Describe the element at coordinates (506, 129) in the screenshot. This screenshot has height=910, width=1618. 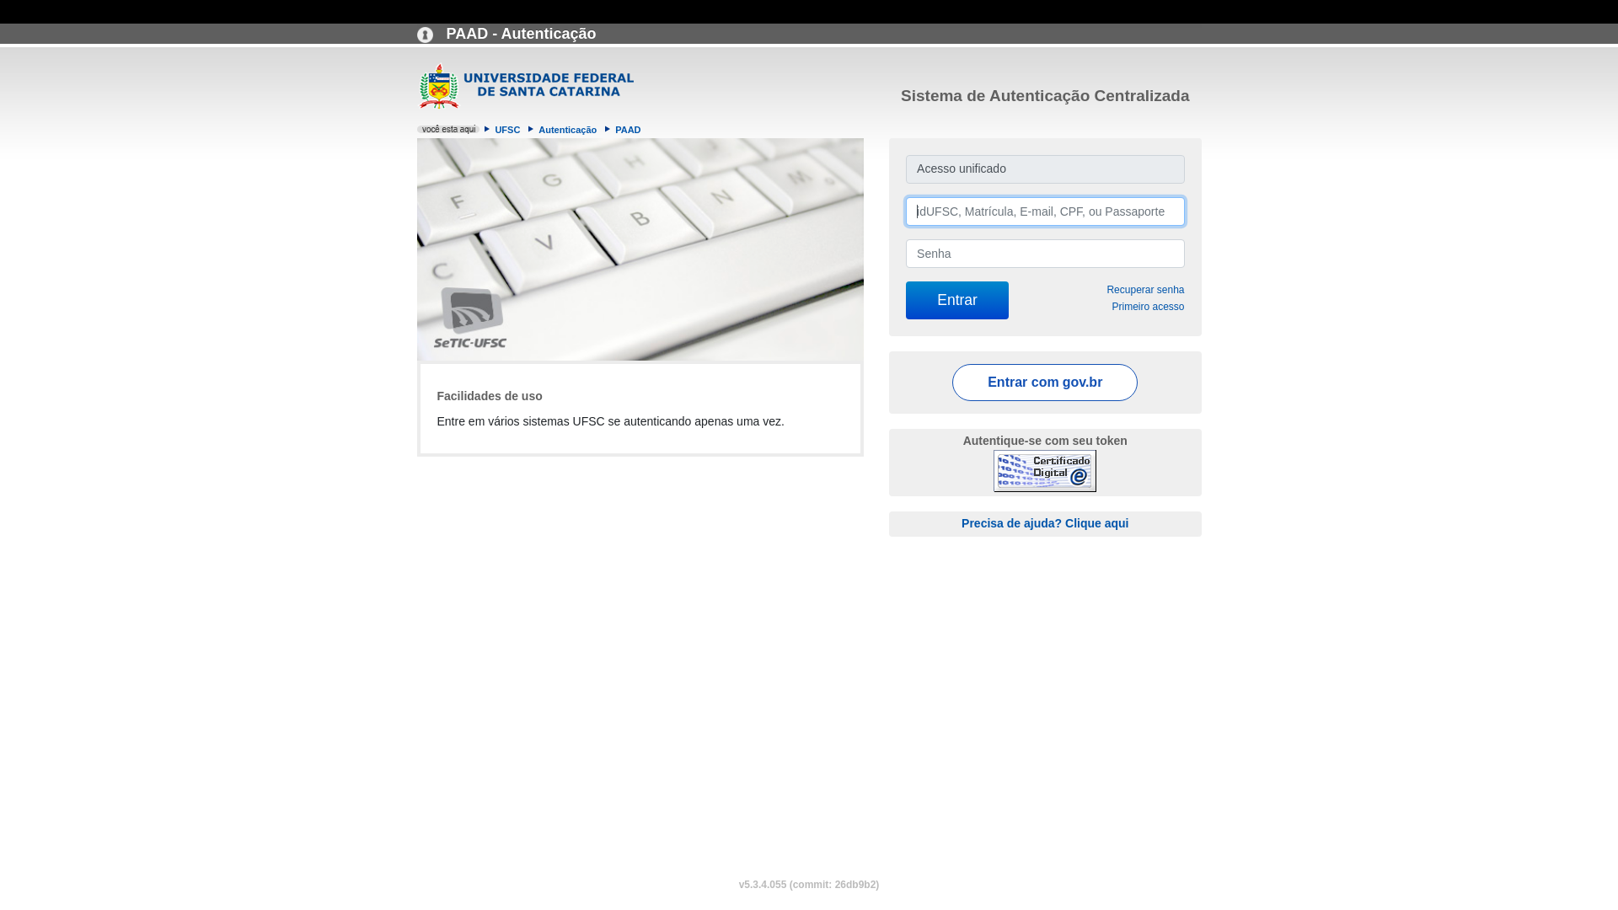
I see `'UFSC'` at that location.